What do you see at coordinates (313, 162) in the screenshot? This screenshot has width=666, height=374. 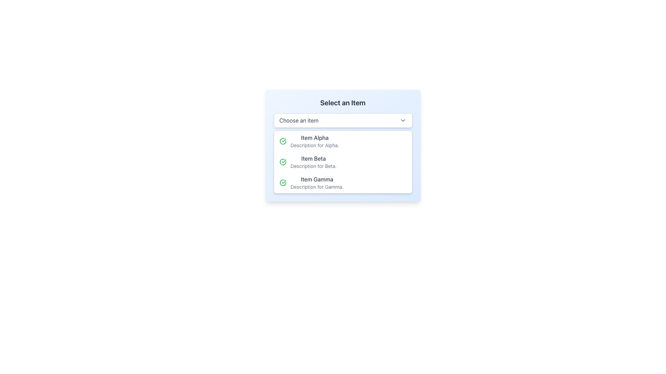 I see `the list item displaying 'Item Beta' and its subtitle 'Description for Beta'` at bounding box center [313, 162].